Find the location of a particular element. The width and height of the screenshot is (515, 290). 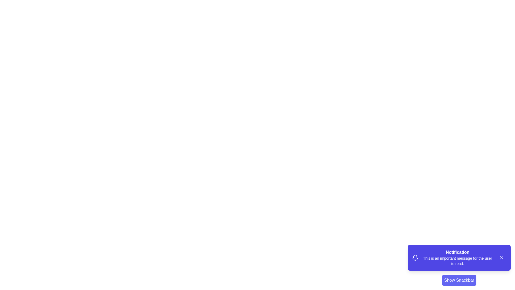

the close button icon, which is a small 'X' symbol located in the upper-right corner of the notification card is located at coordinates (501, 258).